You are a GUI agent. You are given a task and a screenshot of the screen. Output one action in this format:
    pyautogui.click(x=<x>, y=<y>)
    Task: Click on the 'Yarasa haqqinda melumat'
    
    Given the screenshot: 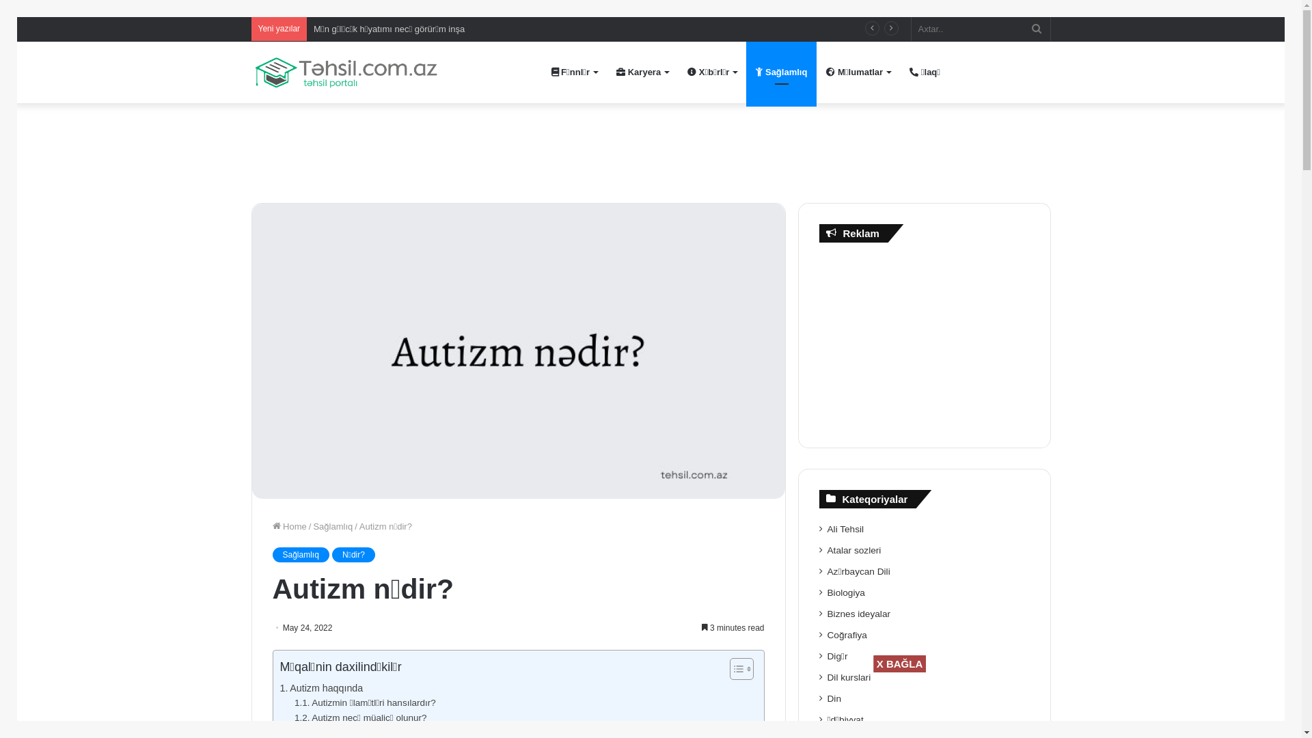 What is the action you would take?
    pyautogui.click(x=365, y=29)
    